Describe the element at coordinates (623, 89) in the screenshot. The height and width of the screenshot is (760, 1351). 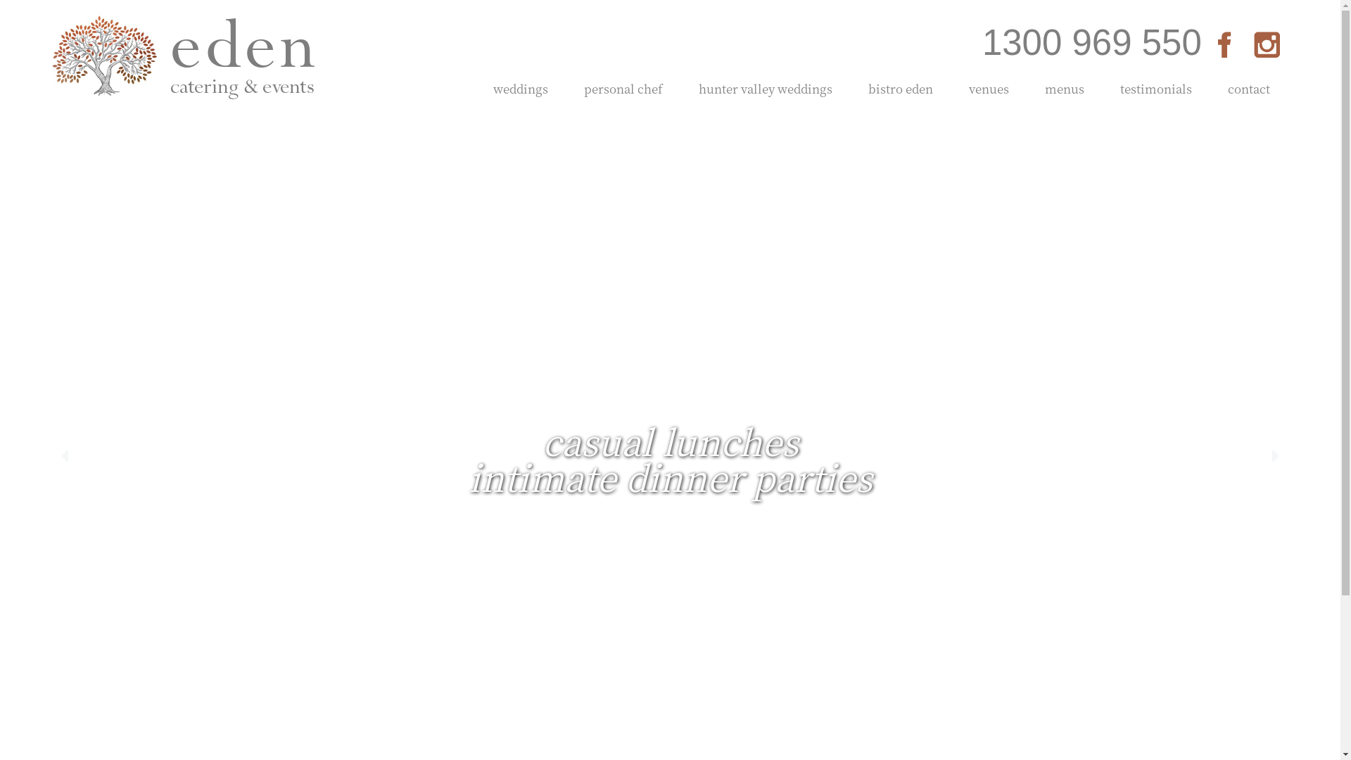
I see `'personal chef'` at that location.